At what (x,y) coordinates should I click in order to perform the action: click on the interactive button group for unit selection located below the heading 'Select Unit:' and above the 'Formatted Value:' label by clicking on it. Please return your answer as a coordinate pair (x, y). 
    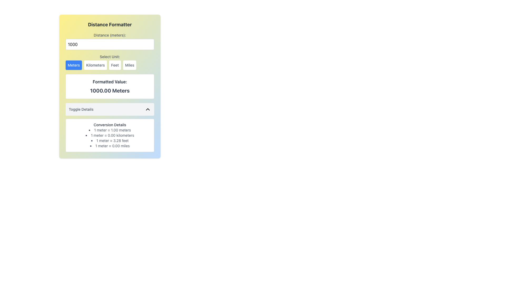
    Looking at the image, I should click on (110, 65).